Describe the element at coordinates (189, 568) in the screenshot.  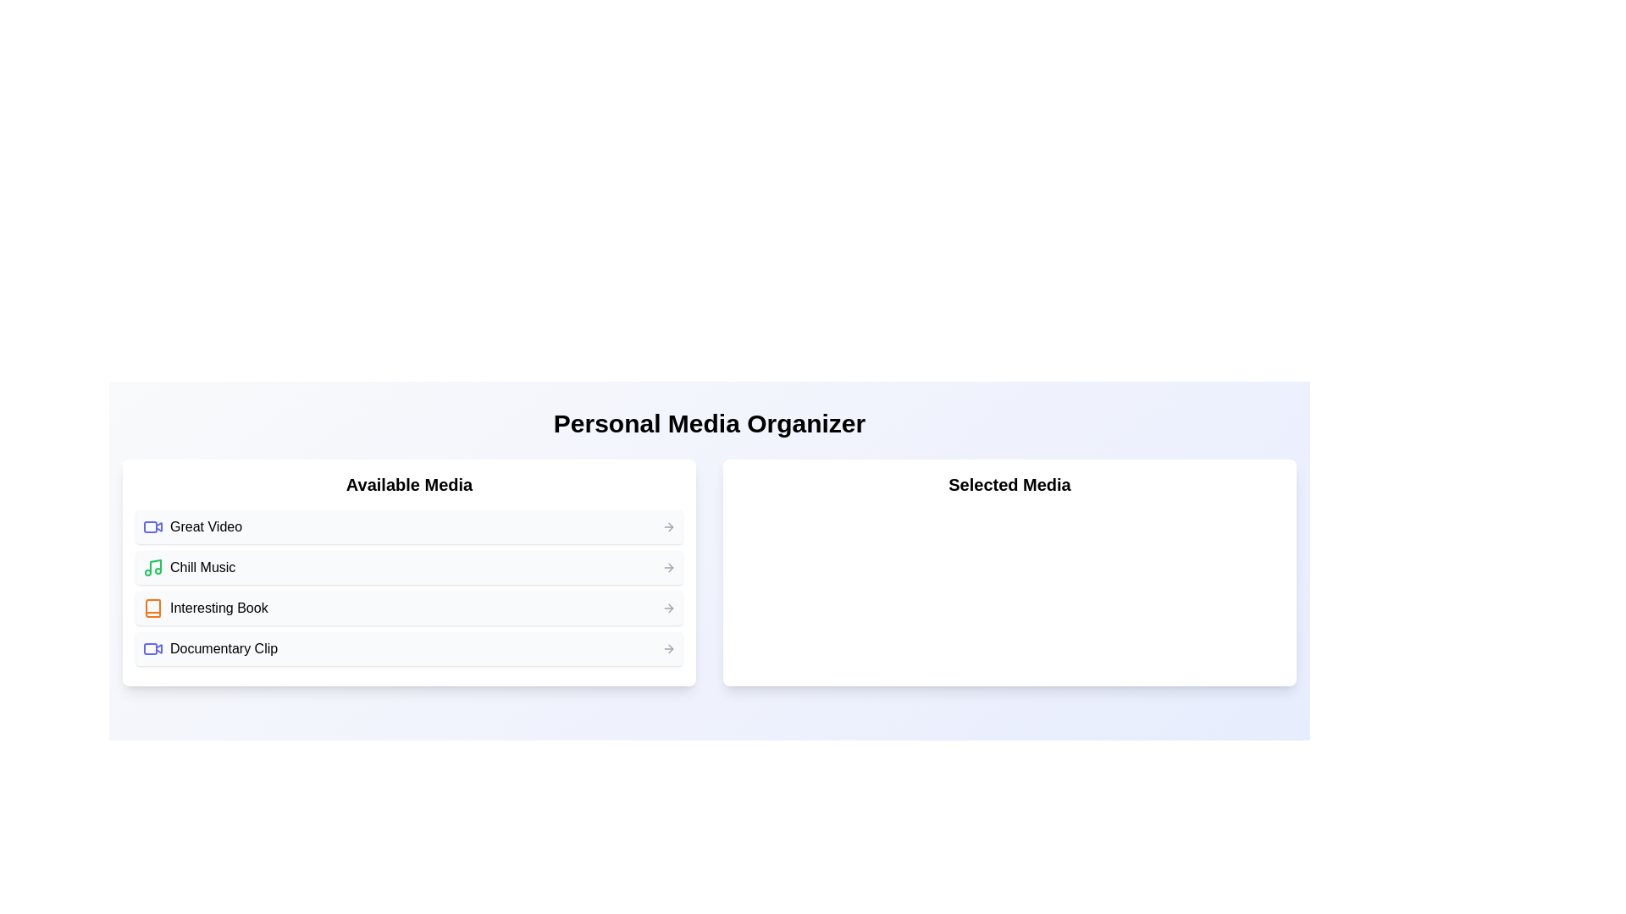
I see `the media entry titled 'Chill Music' in the second row of the 'Available Media' list` at that location.